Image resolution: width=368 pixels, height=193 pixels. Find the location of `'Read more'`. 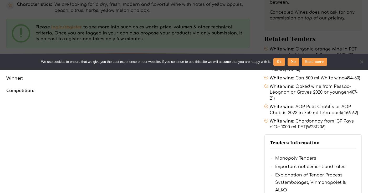

'Read more' is located at coordinates (314, 62).